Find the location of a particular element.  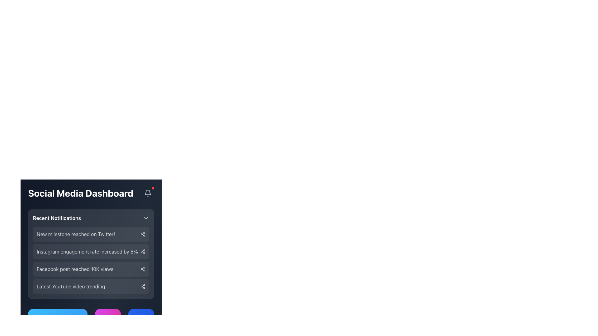

the share icon located at the end of the row labeled 'Latest YouTube video trending' in the 'Recent Notifications' section of the 'Social Media Dashboard' is located at coordinates (143, 287).